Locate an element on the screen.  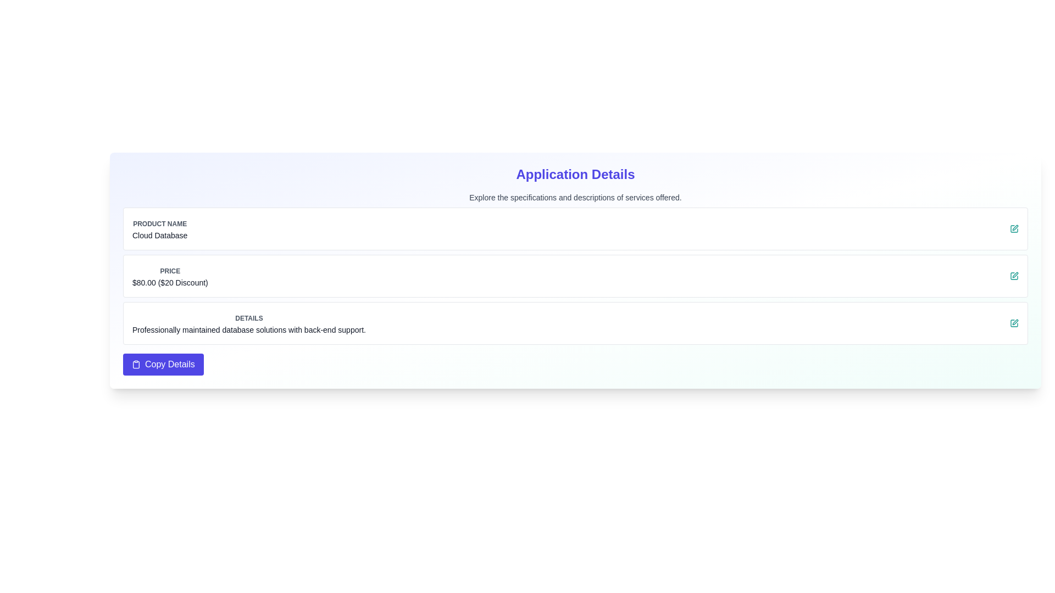
the small teal-colored icon styled as a pen or edit symbol located in the lower-right corner of the 'Details' card is located at coordinates (1014, 323).